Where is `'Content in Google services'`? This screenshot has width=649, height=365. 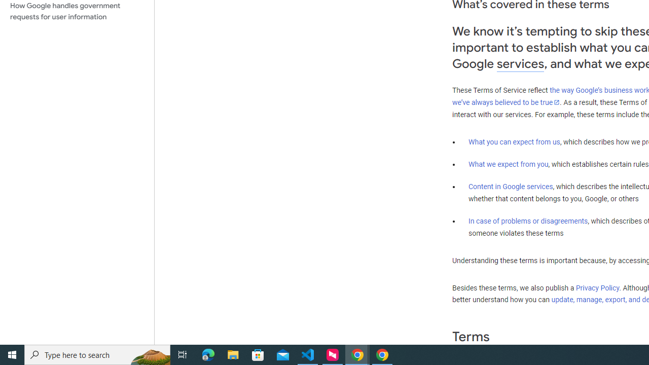
'Content in Google services' is located at coordinates (511, 187).